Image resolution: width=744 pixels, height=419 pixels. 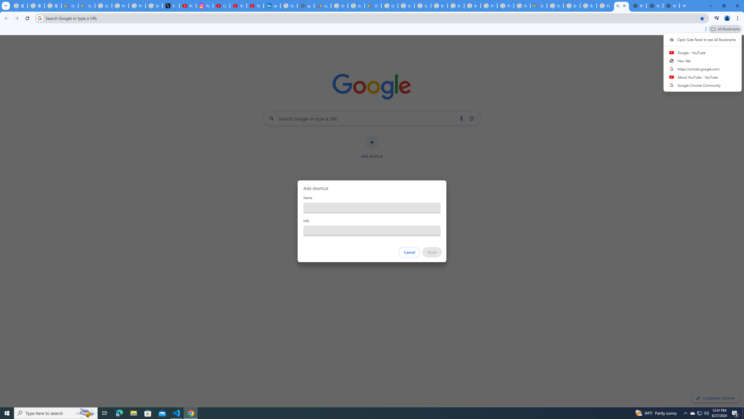 What do you see at coordinates (6, 6) in the screenshot?
I see `'Search tabs'` at bounding box center [6, 6].